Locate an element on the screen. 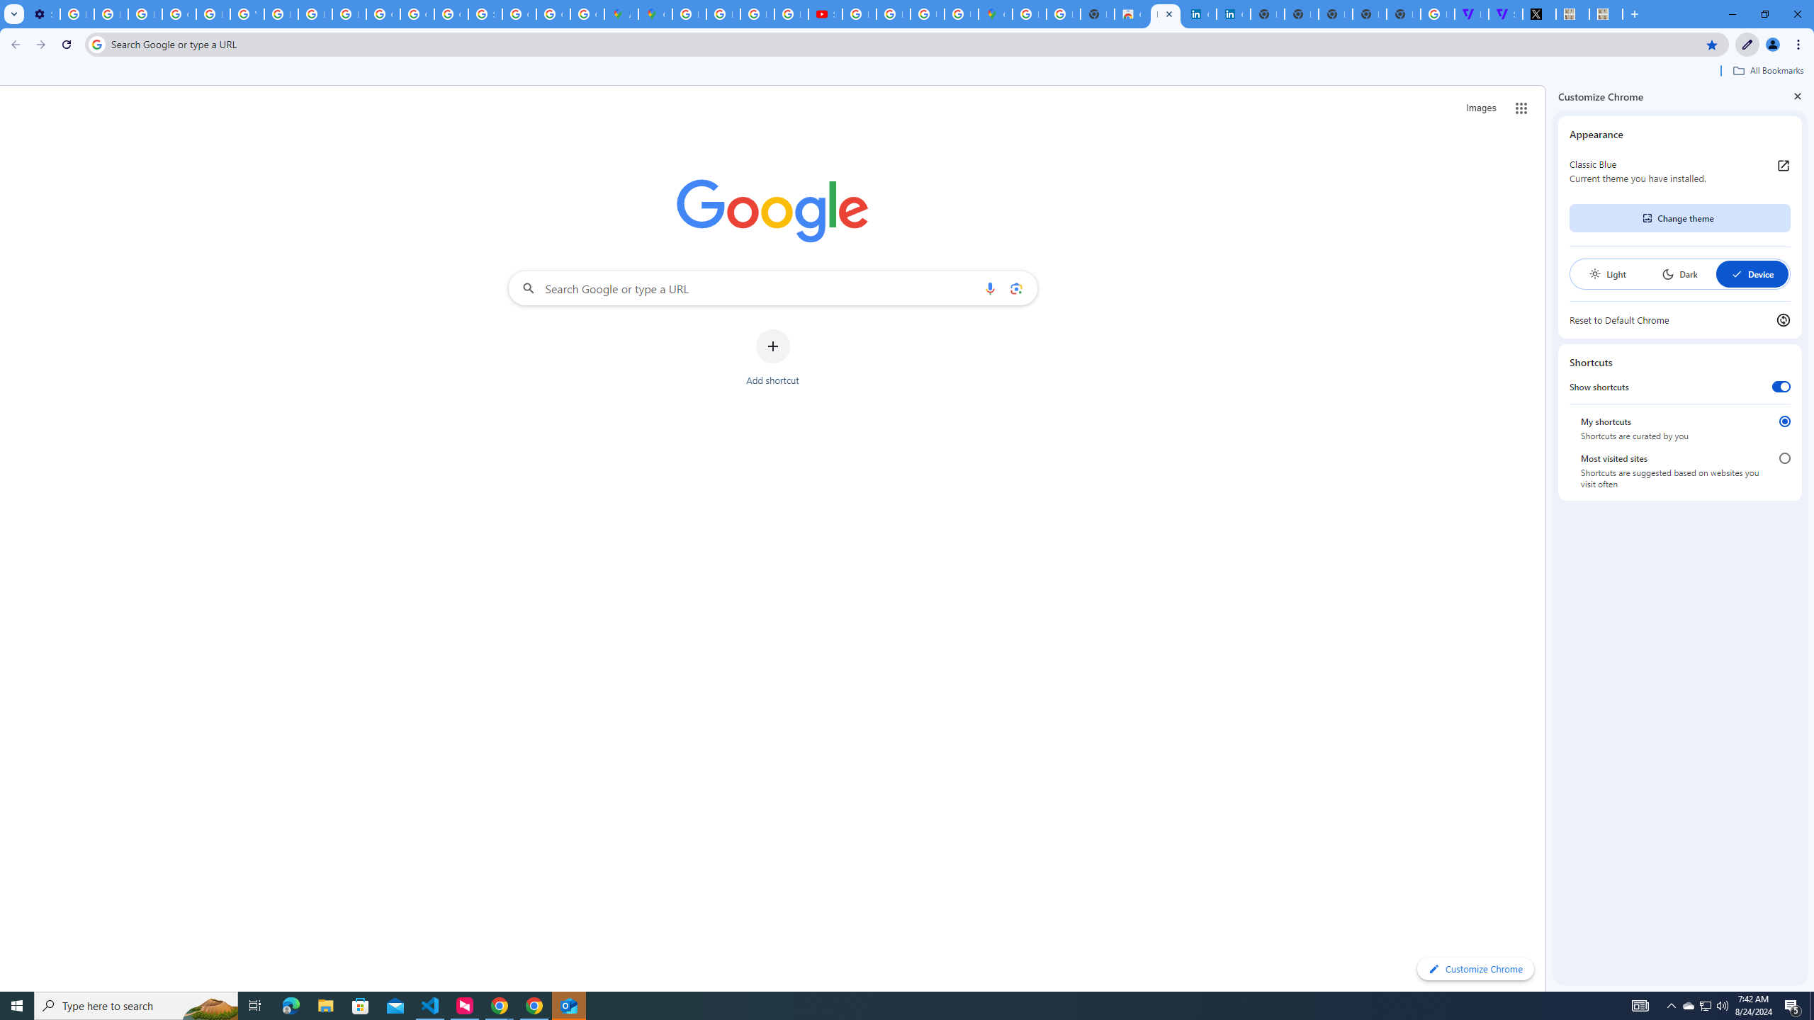  'Learn how to find your photos - Google Photos Help' is located at coordinates (110, 13).